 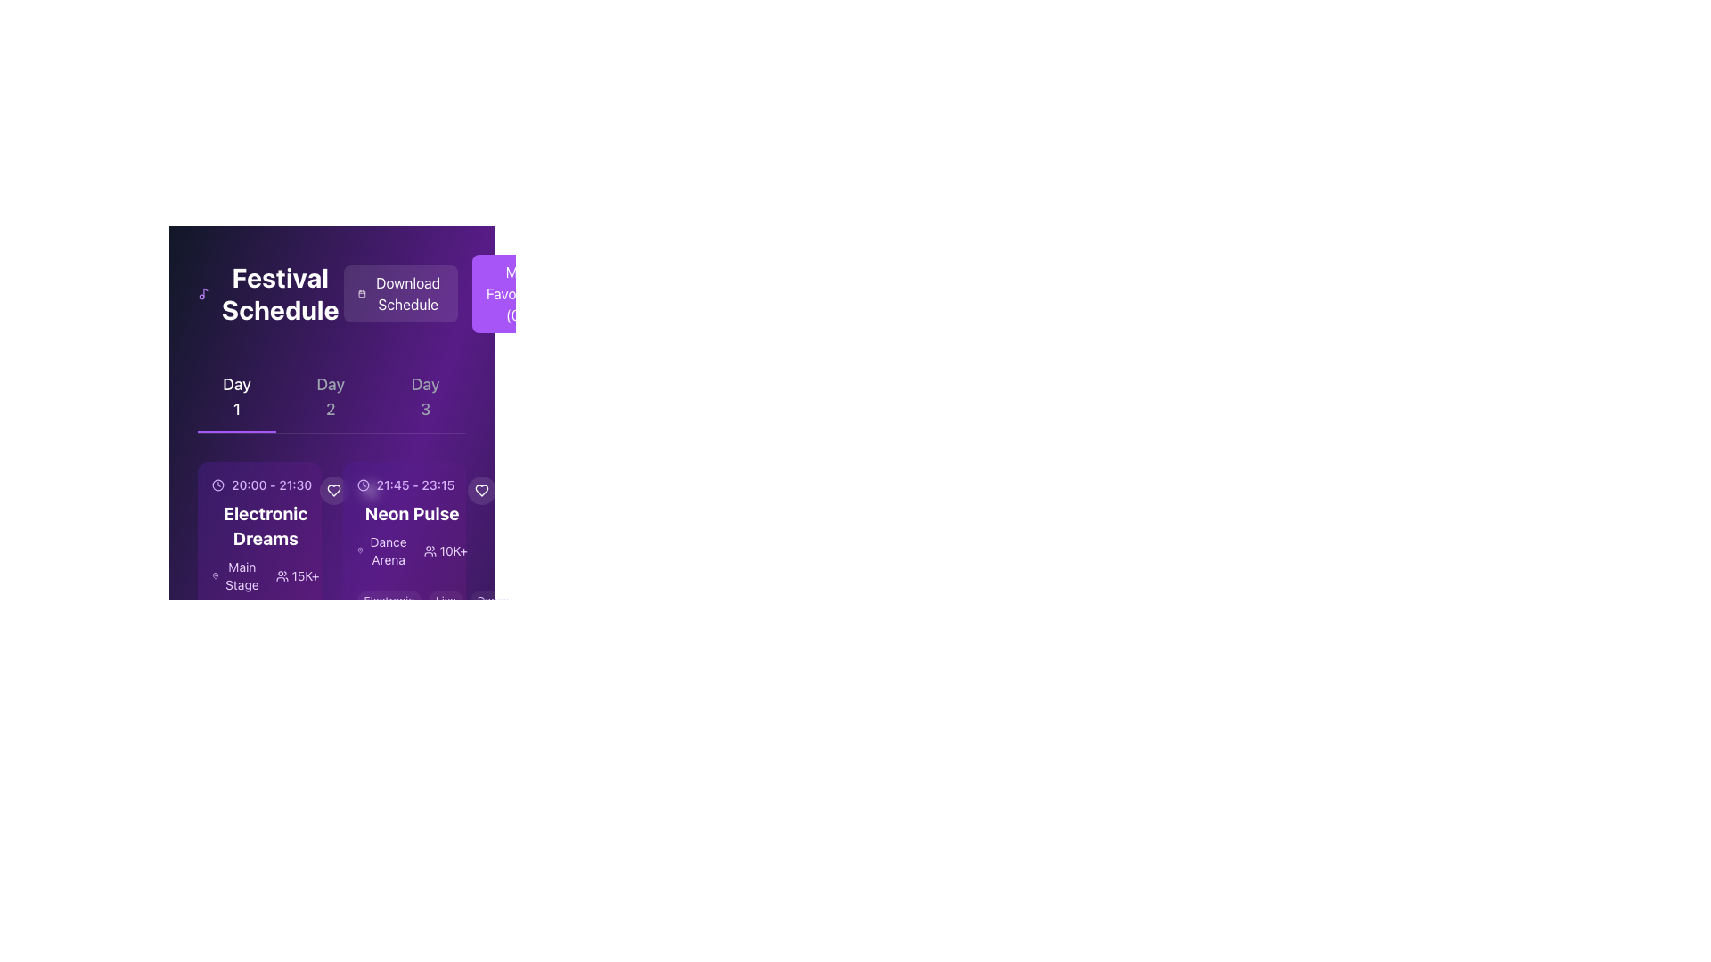 What do you see at coordinates (264, 485) in the screenshot?
I see `the text label displaying the time range for the event, which is positioned above the title 'Electronic Dreams' and below the heading, to associate the time with the event details` at bounding box center [264, 485].